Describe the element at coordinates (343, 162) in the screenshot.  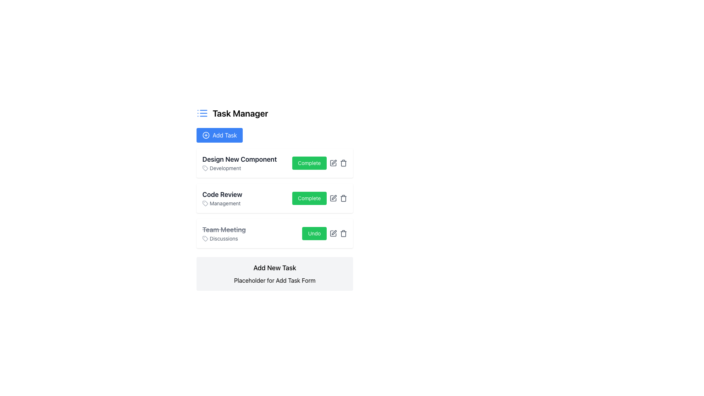
I see `the delete icon located in the top-right corner of the 'Design New Component' task card` at that location.